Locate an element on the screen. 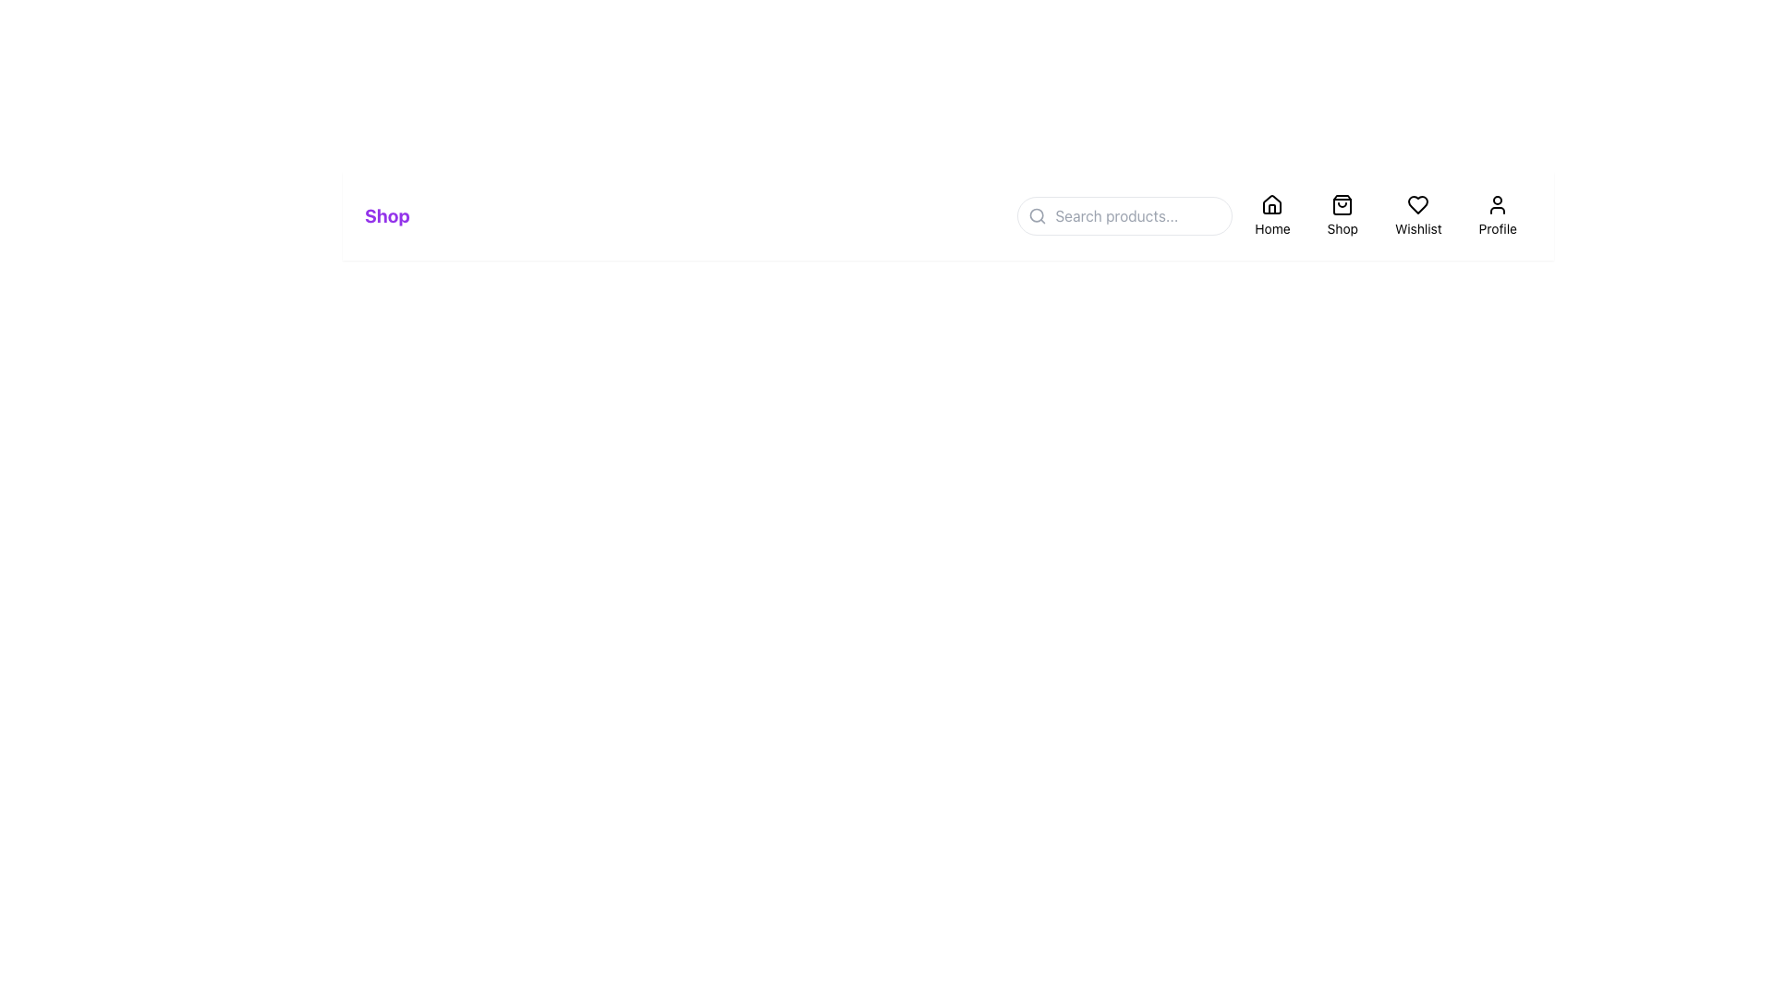 The width and height of the screenshot is (1774, 998). the search icon, which is a gray SVG graphic representing a magnifying glass, located at the beginning of the search input field is located at coordinates (1038, 215).